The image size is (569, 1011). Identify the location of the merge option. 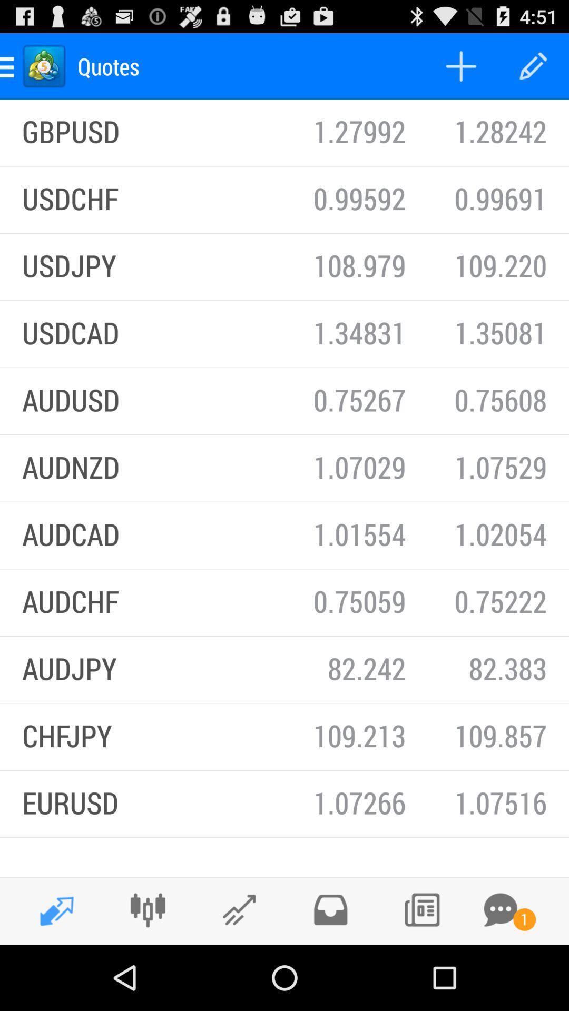
(148, 909).